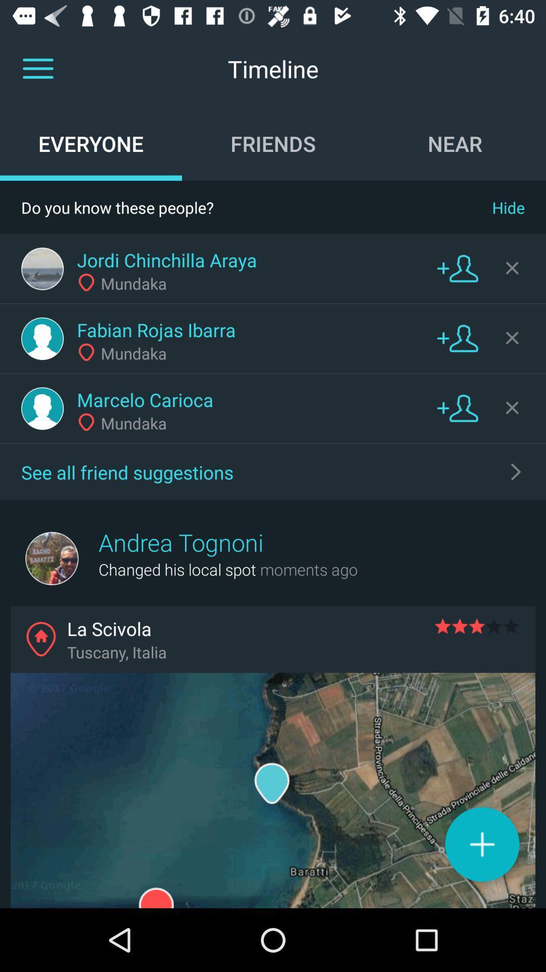  I want to click on zoom botton, so click(481, 844).